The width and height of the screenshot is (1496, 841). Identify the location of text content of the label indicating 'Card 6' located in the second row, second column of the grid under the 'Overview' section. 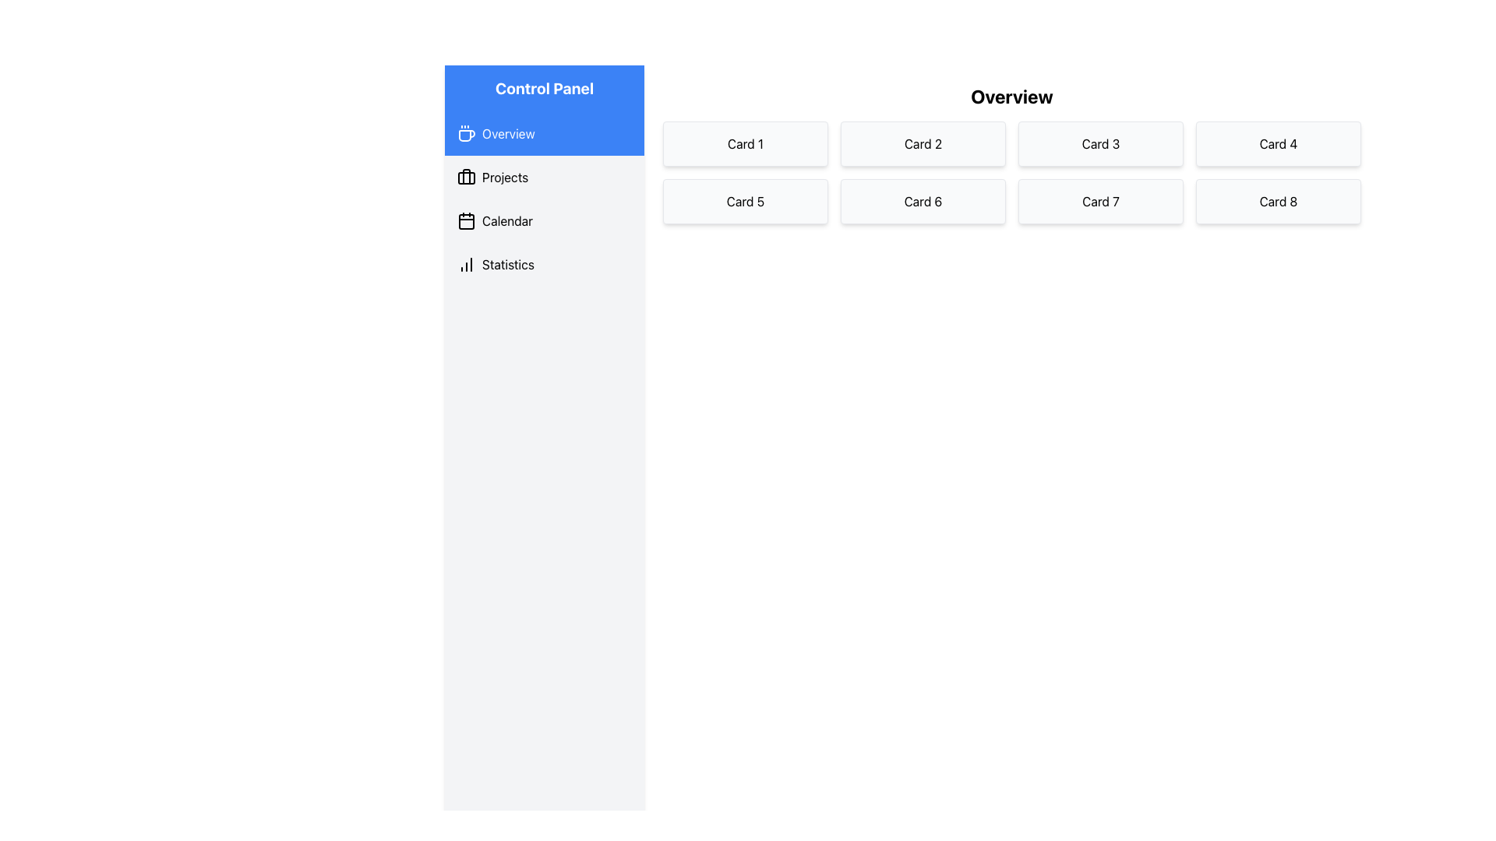
(923, 200).